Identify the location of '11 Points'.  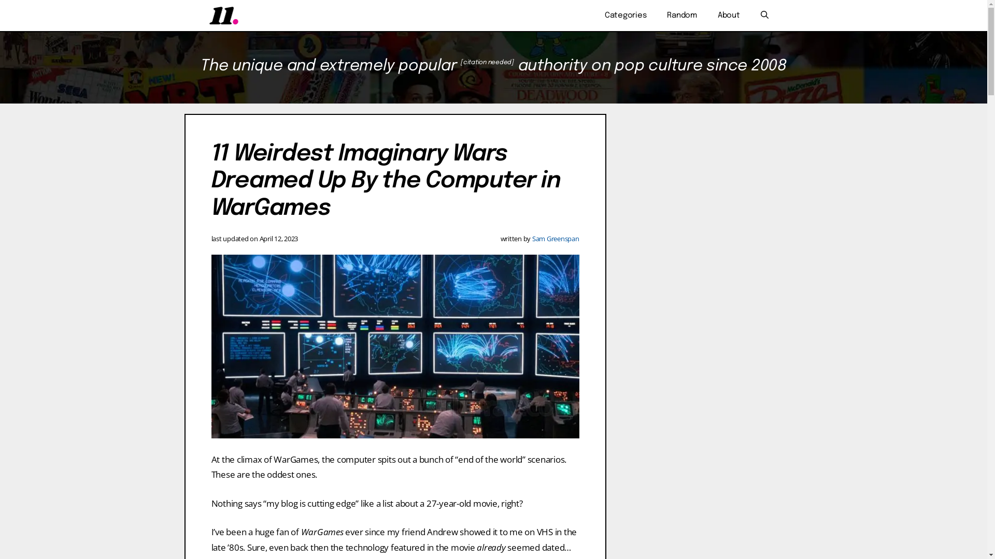
(223, 16).